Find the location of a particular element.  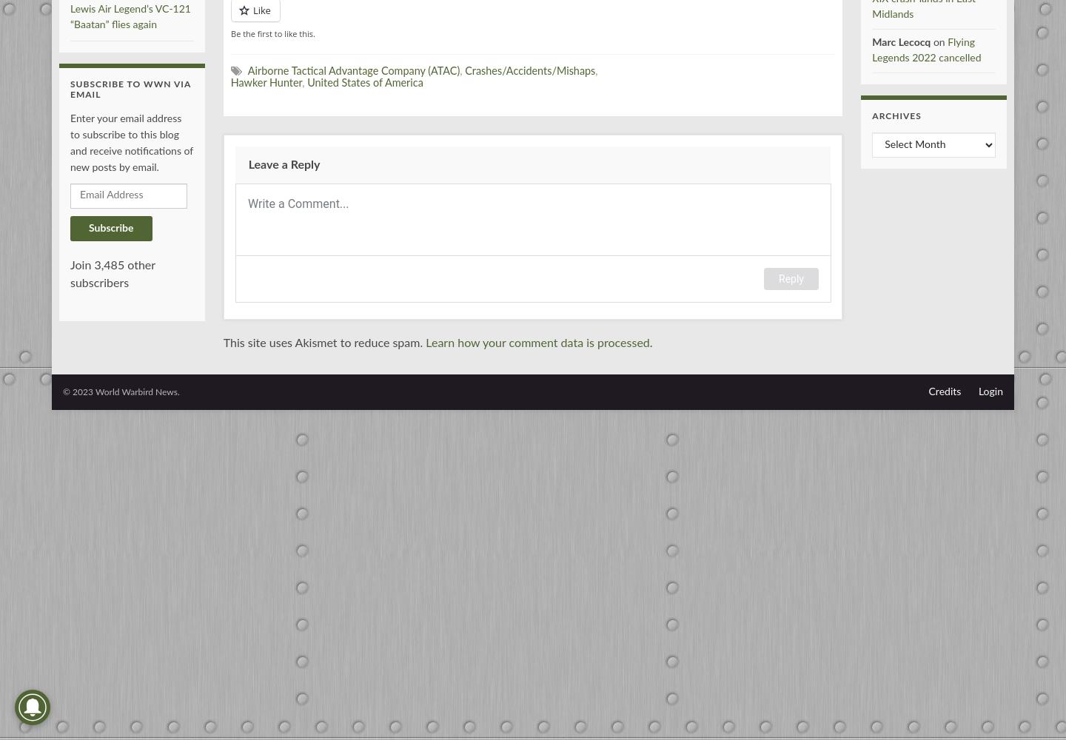

'This site uses Akismet to reduce spam.' is located at coordinates (324, 342).